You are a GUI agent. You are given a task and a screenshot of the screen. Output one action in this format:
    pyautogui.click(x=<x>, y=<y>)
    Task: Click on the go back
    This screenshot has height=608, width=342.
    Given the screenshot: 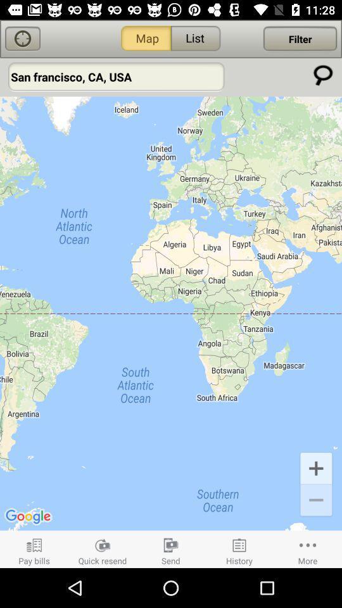 What is the action you would take?
    pyautogui.click(x=23, y=39)
    